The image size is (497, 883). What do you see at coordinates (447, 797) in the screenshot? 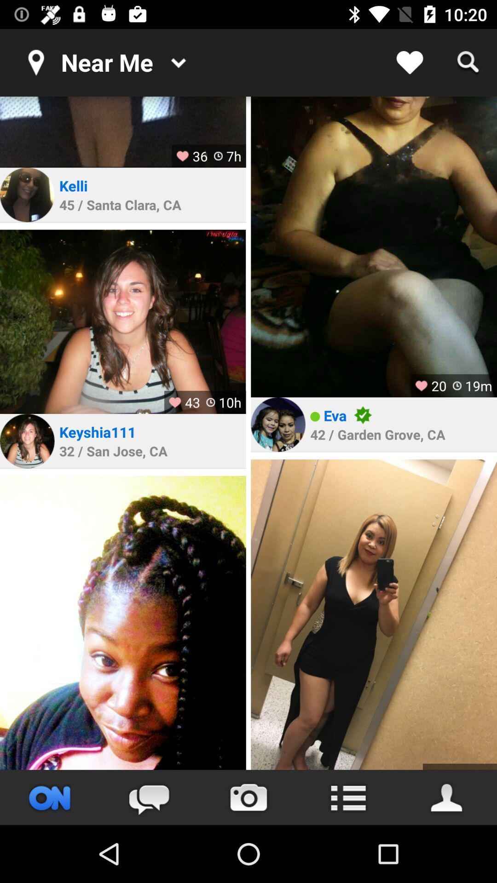
I see `look friend 's profiles` at bounding box center [447, 797].